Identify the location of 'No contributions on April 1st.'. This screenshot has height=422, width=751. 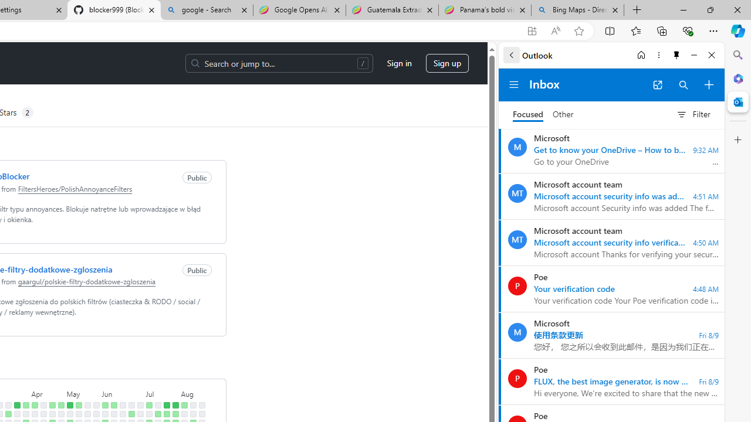
(26, 413).